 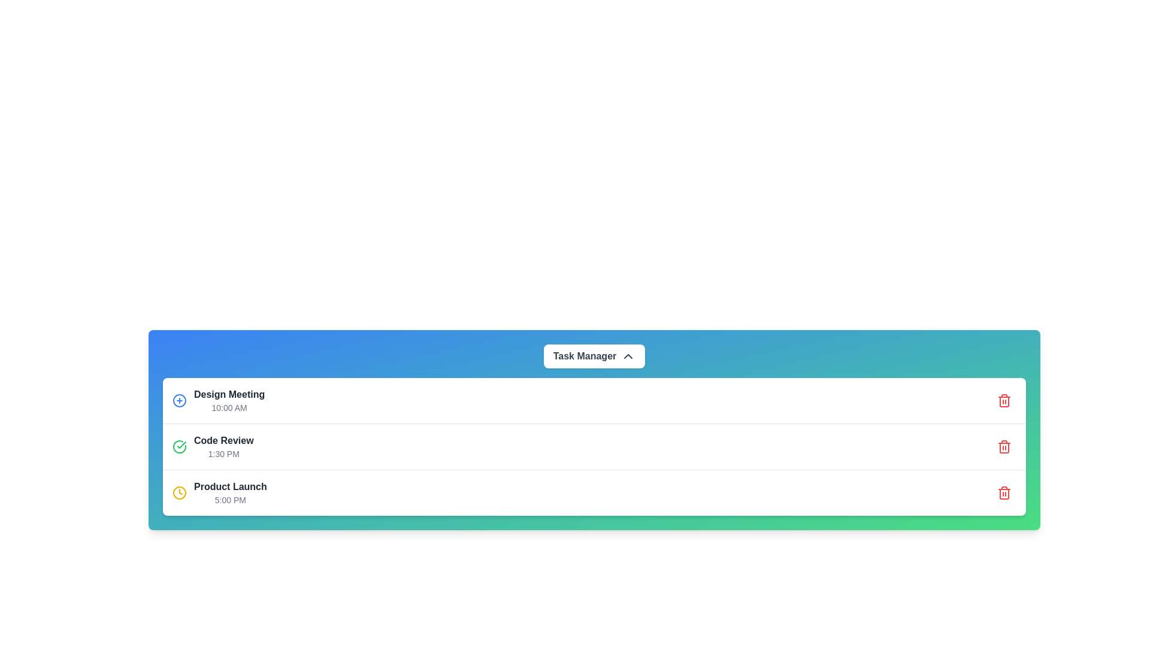 I want to click on the circular yellow clock icon located to the left of the 'Product Launch' text at the bottom entry of the list, so click(x=178, y=492).